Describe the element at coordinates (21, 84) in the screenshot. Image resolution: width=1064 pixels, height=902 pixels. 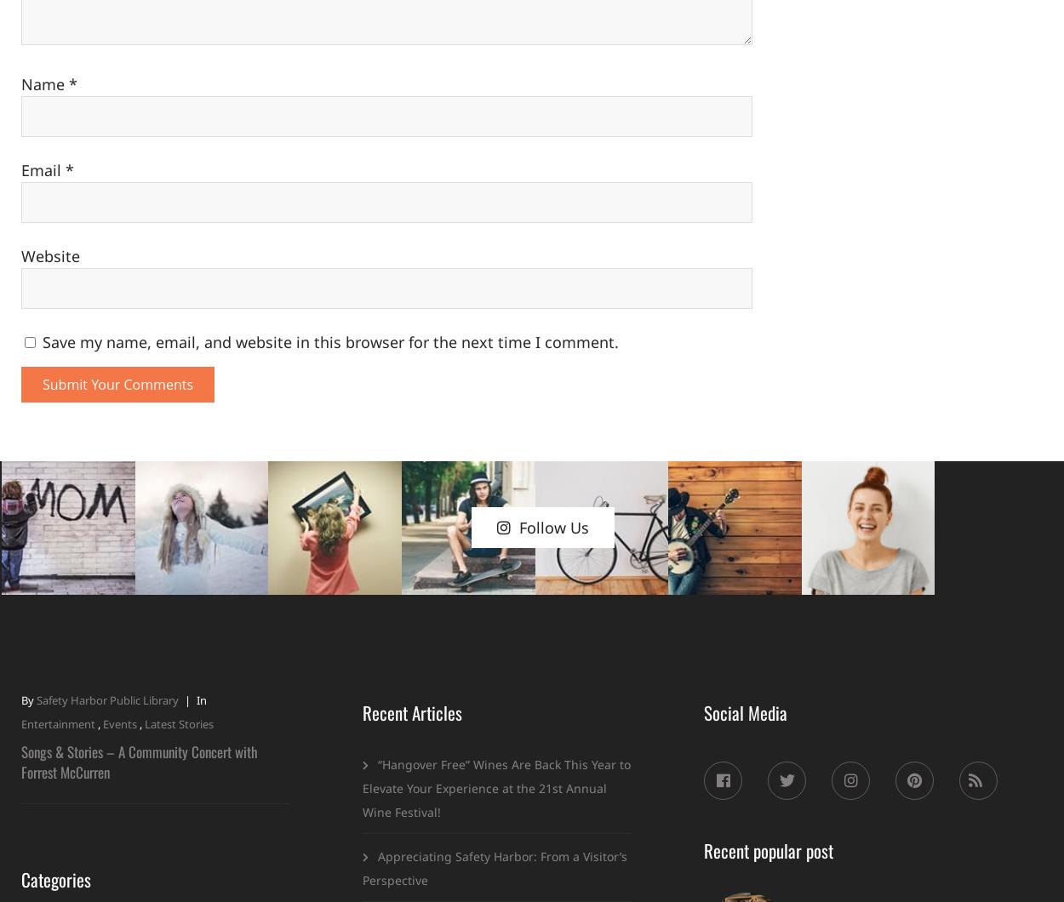
I see `'Name'` at that location.